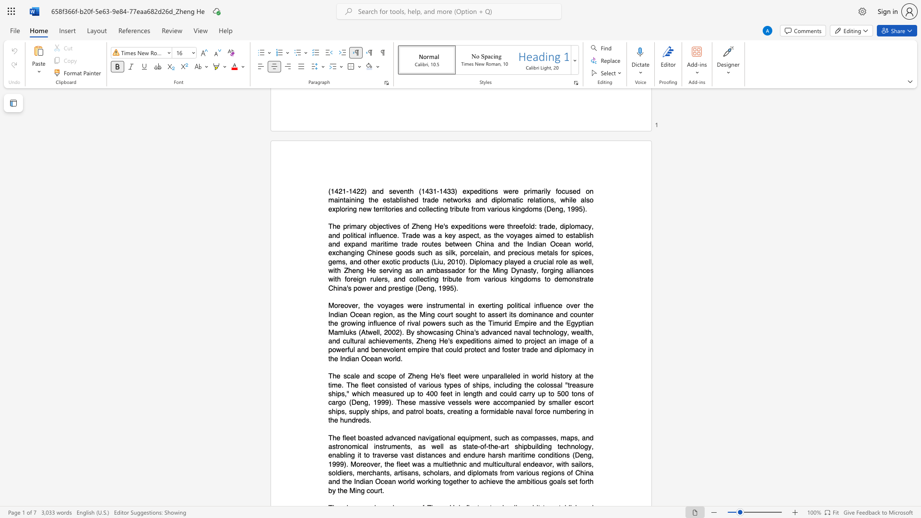  Describe the element at coordinates (422, 472) in the screenshot. I see `the subset text "sc" within the text "shipbuilding technology, enabling it to traverse vast distances and endure harsh maritime conditions (Deng, 1999). Moreover, the fleet was a multiethnic and multicultural endeavor, with sailors, soldiers, merchants, artisans, scholars, and diplomats from various regions of China and the Indian Ocean world working together to achieve the ambitious goals set forth by the Ming court."` at that location.